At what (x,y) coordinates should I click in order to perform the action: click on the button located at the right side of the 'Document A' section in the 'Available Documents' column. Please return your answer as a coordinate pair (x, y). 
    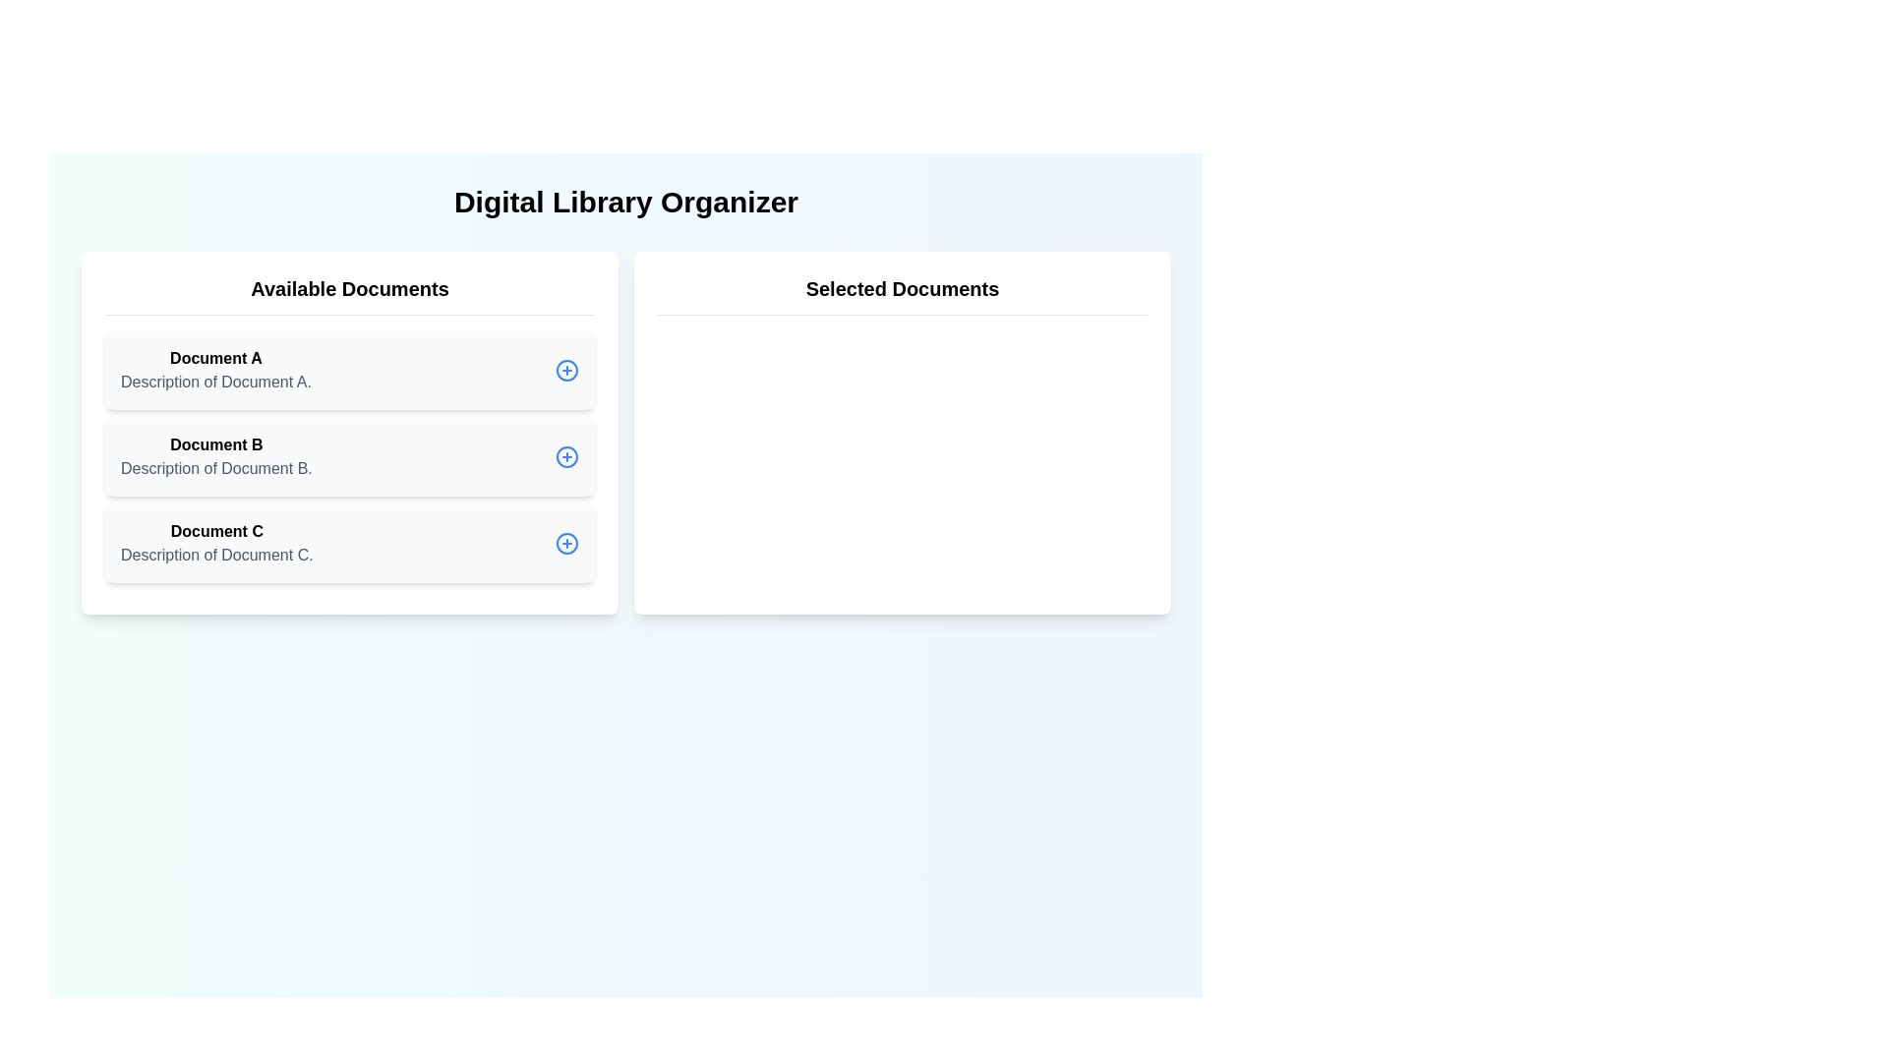
    Looking at the image, I should click on (565, 371).